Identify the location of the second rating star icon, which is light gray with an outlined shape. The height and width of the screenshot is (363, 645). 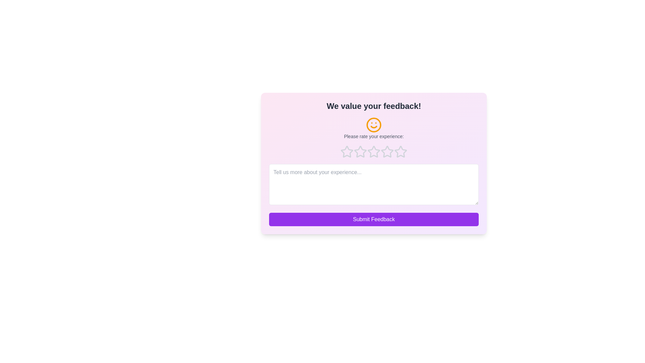
(360, 152).